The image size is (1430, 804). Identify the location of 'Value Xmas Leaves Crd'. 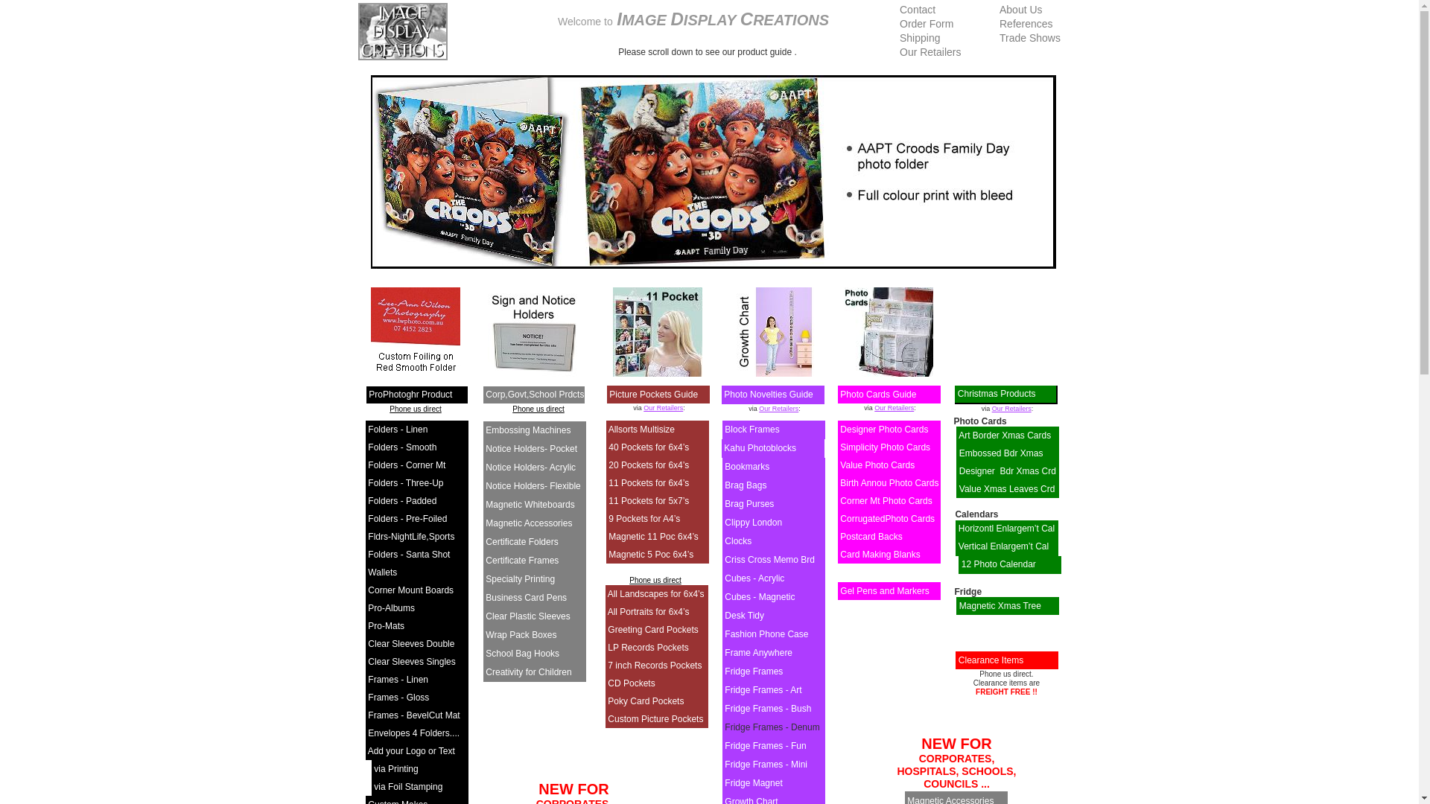
(959, 488).